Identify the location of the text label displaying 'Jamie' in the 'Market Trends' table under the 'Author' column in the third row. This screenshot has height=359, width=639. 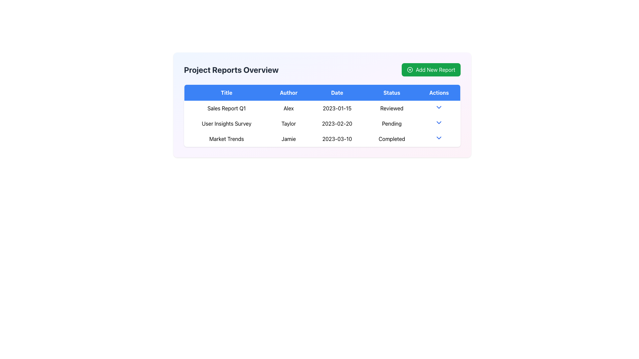
(289, 139).